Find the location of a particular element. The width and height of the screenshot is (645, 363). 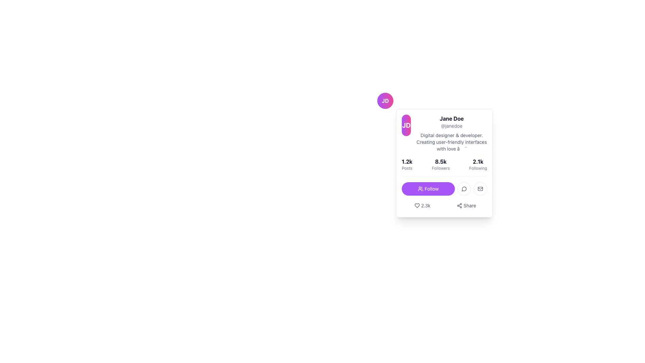

the rounded rectangular shape that is part of the mail icon, located above the toolbar containing the 'Follow' button is located at coordinates (480, 189).